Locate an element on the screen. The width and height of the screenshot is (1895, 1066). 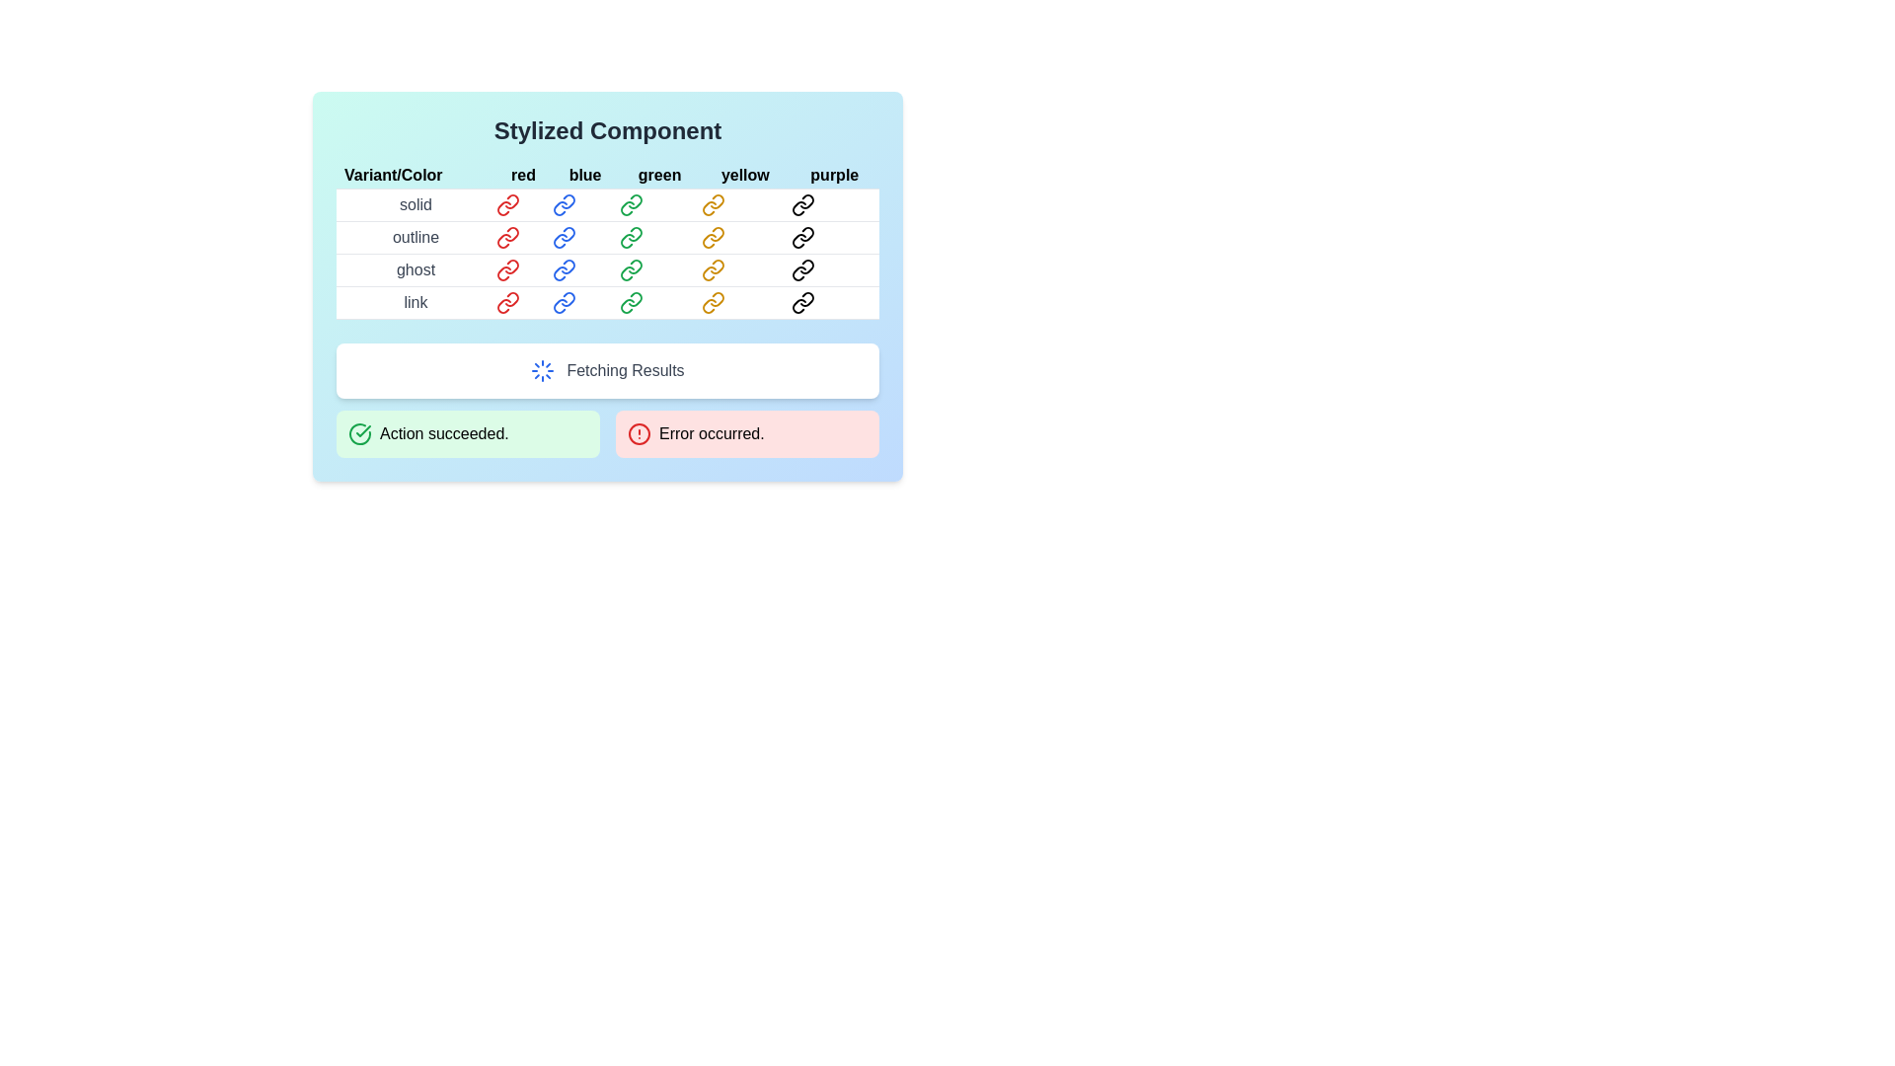
the header label for the 'red' column in the table, which is located in the second column of the header row and is preceded by 'Variant/Color' and followed by 'blue' is located at coordinates (523, 175).